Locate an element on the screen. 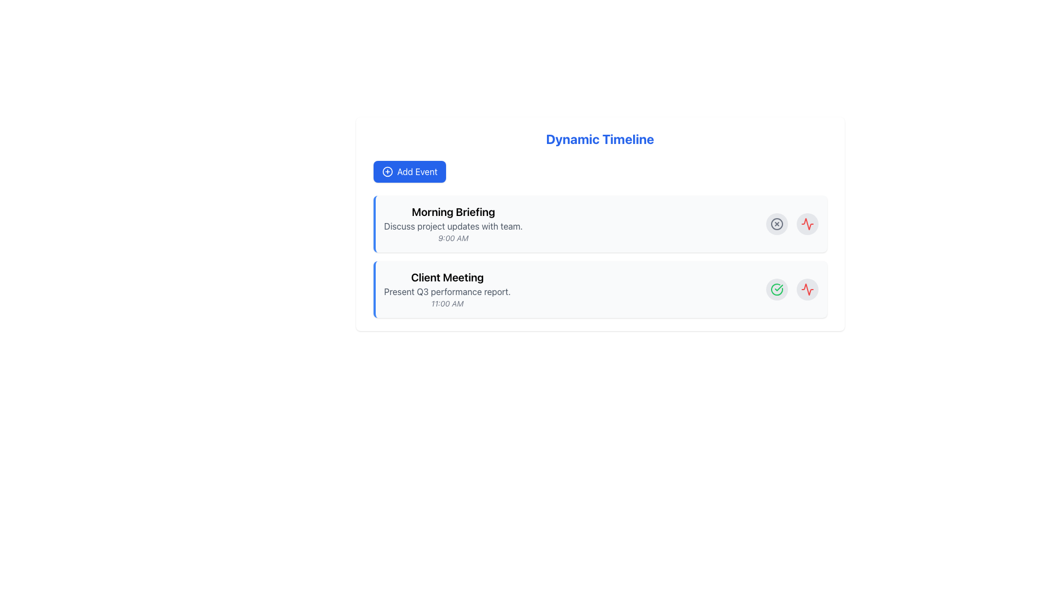 This screenshot has width=1047, height=589. the static text header element that reads 'Dynamic Timeline', which is styled in bold, large, blue font and is centered above the 'Add Event' button is located at coordinates (599, 138).